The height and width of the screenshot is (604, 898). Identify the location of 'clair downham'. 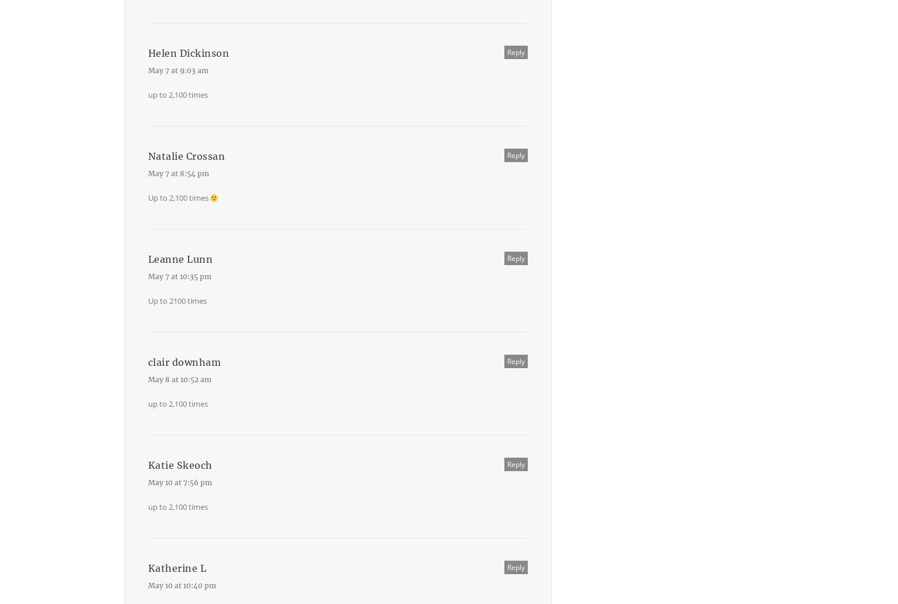
(184, 362).